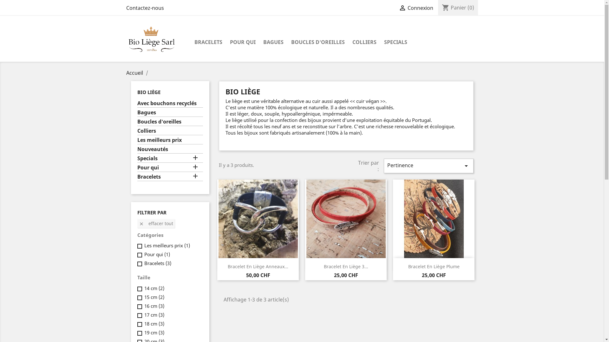 This screenshot has width=609, height=342. I want to click on 'Accueil', so click(135, 73).